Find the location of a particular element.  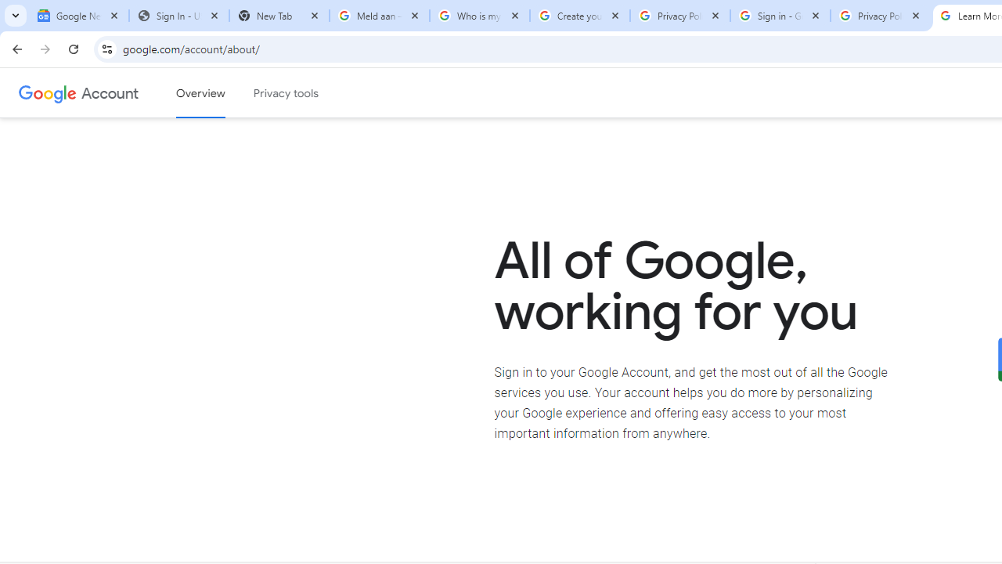

'Create your Google Account' is located at coordinates (579, 16).